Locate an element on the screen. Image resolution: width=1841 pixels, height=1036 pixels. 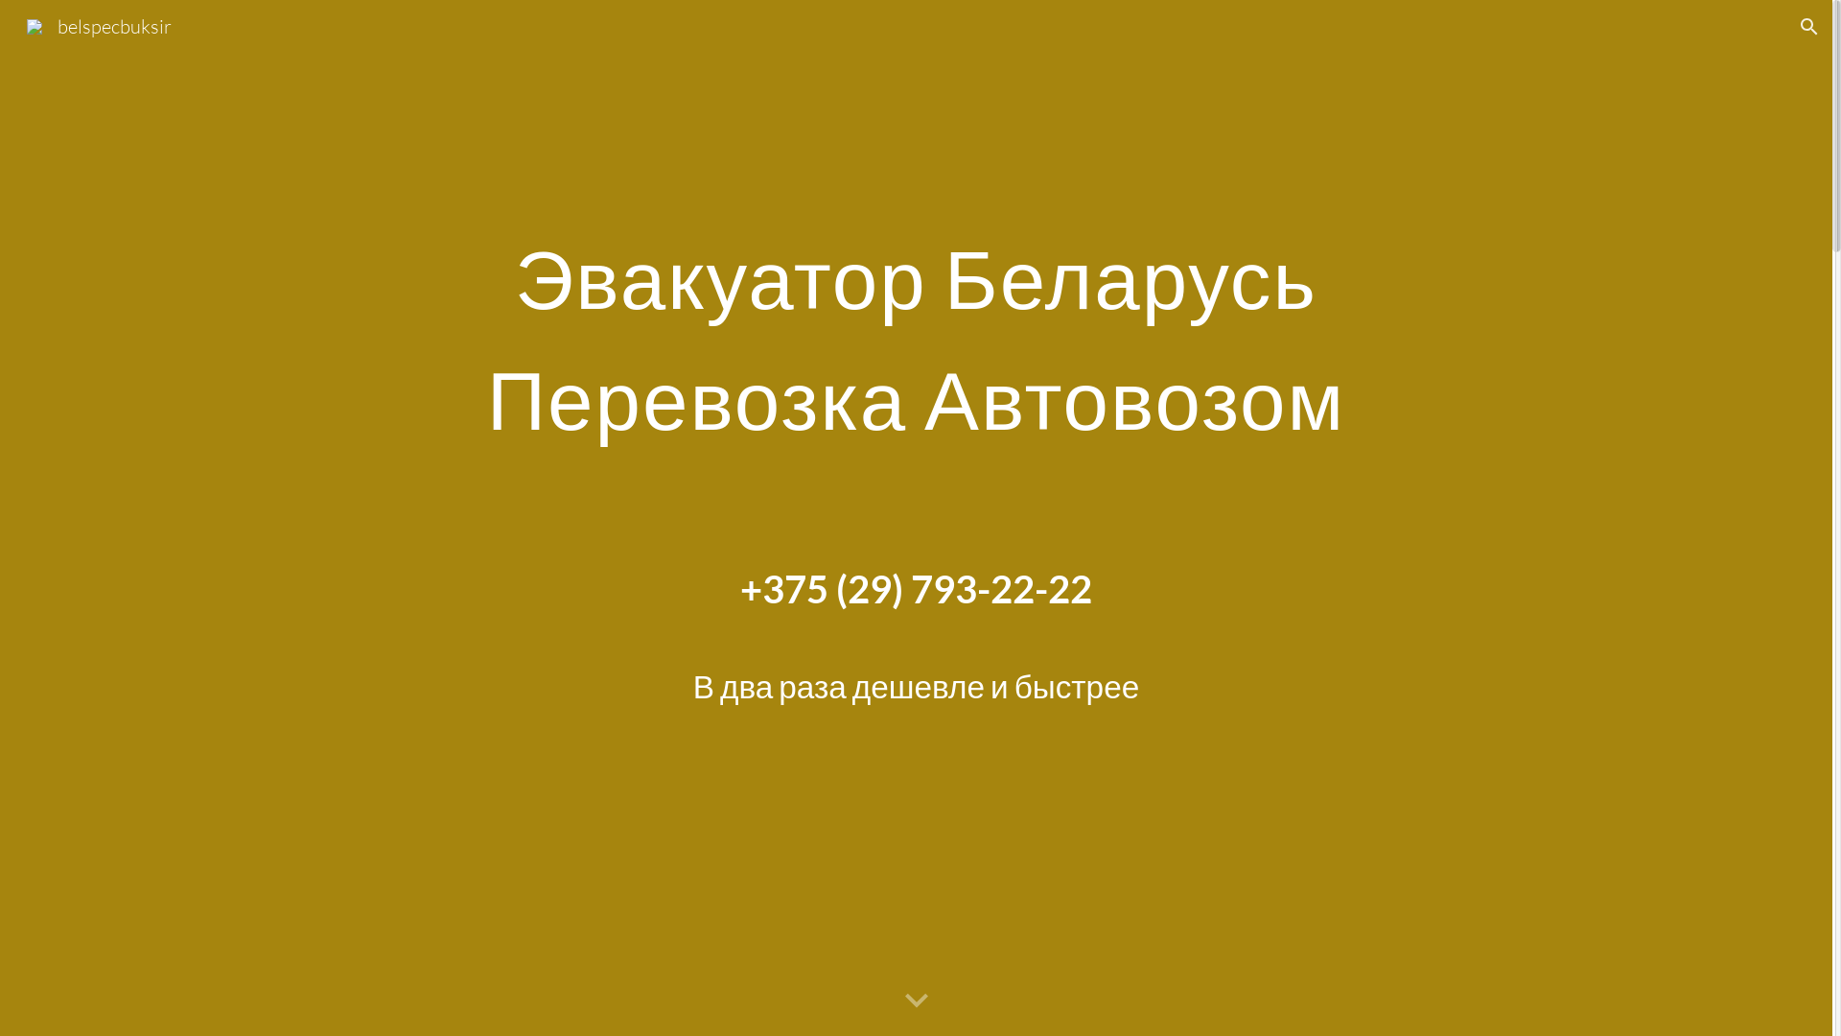
'belspecbuksir' is located at coordinates (98, 24).